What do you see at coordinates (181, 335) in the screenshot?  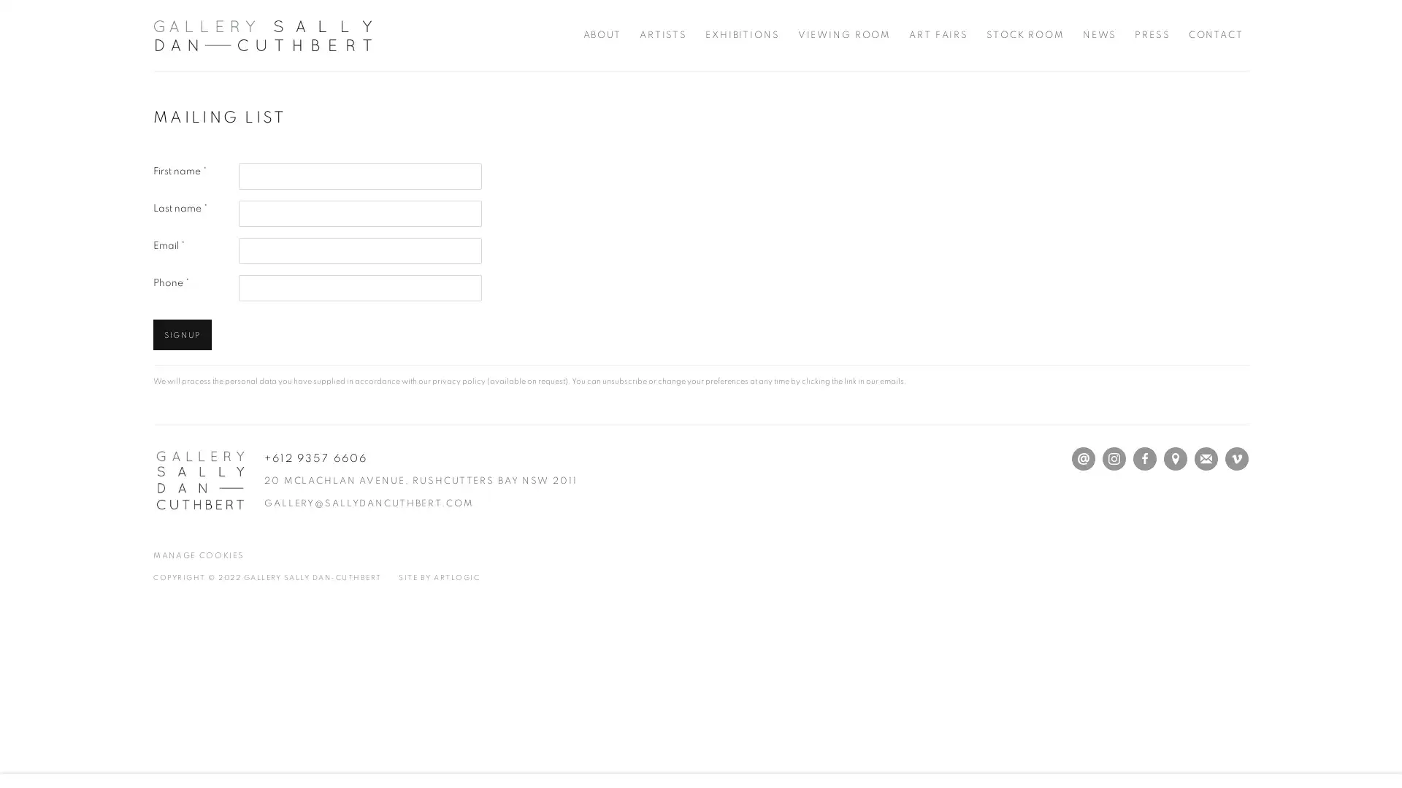 I see `SIGNUP` at bounding box center [181, 335].